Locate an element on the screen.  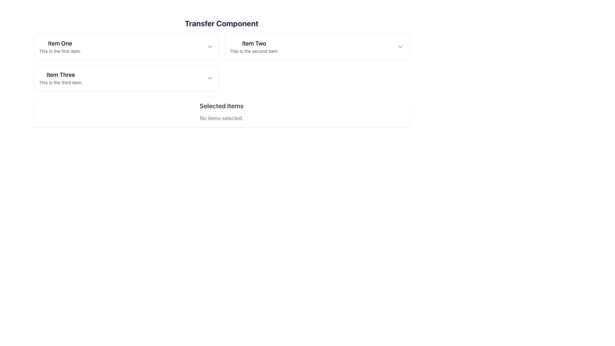
the downward-pointing chevron icon located at the top-right of the 'Item One' box is located at coordinates (209, 46).